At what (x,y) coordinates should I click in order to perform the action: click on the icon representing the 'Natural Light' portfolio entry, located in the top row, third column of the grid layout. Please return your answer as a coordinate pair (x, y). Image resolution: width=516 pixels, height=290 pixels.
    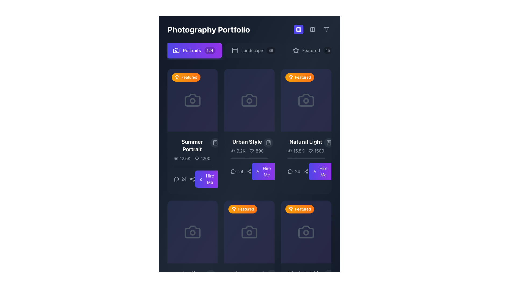
    Looking at the image, I should click on (306, 100).